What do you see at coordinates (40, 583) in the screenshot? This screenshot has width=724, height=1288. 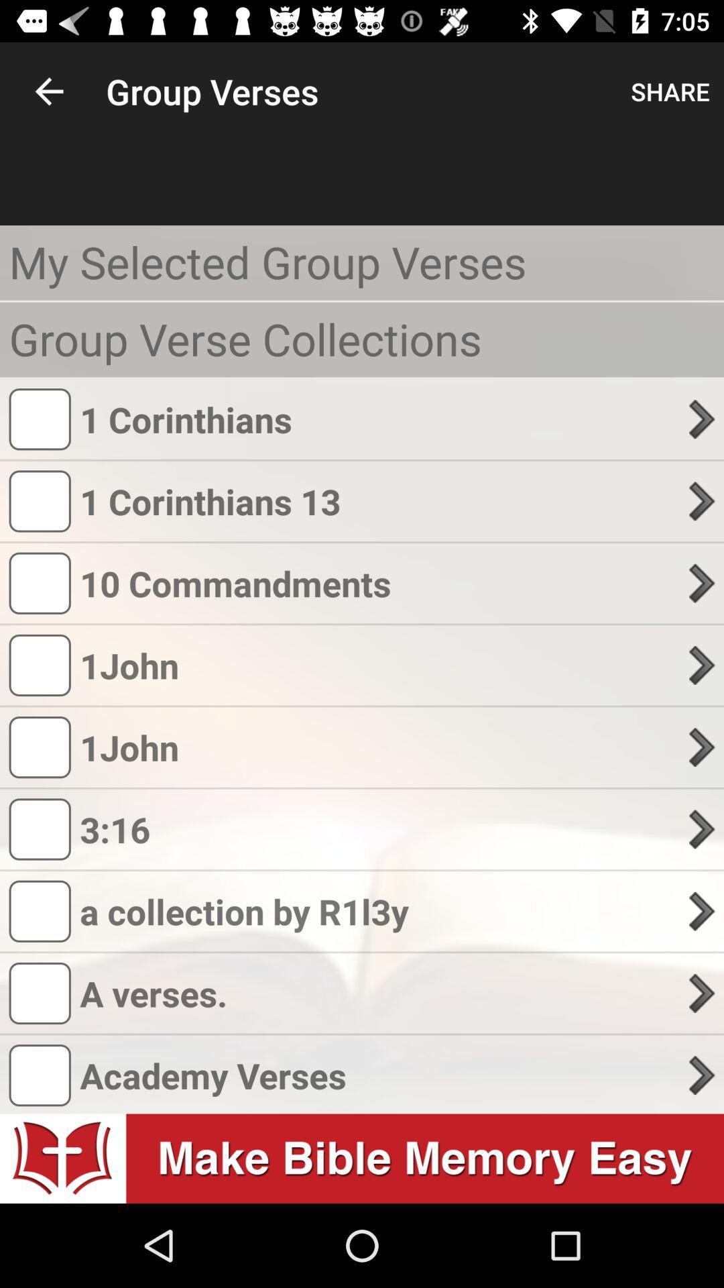 I see `checkbox before 10 commandments text` at bounding box center [40, 583].